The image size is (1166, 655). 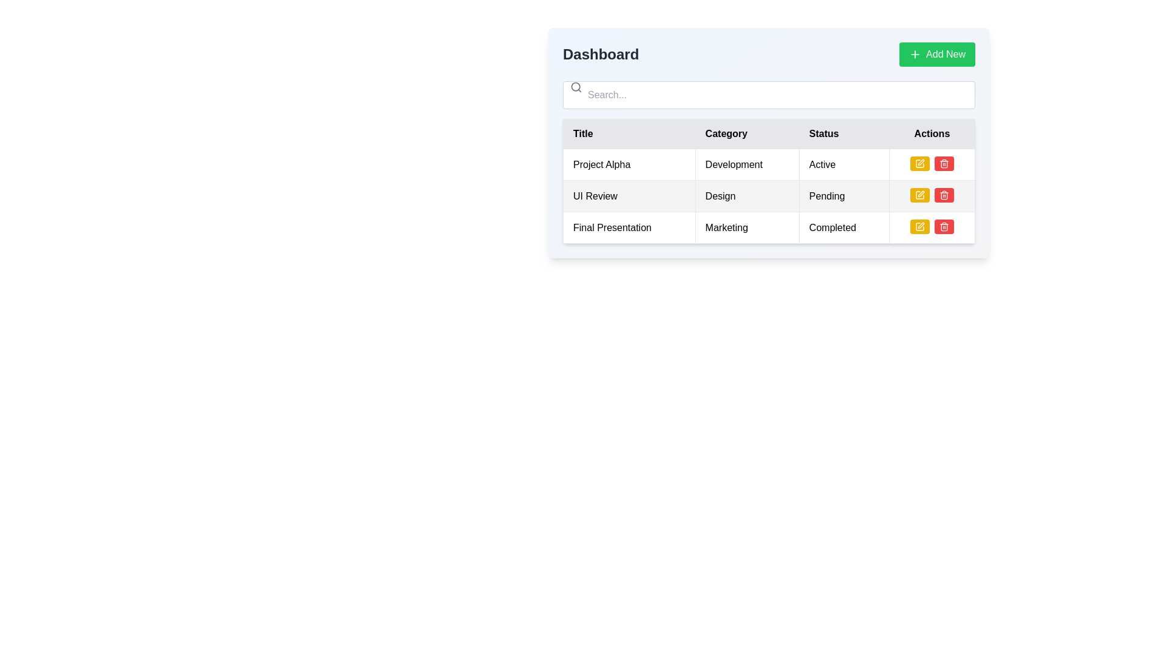 What do you see at coordinates (944, 227) in the screenshot?
I see `the deletion button located in the last row of the 'Actions' column, which is adjacent to the yellow button with a pencil icon` at bounding box center [944, 227].